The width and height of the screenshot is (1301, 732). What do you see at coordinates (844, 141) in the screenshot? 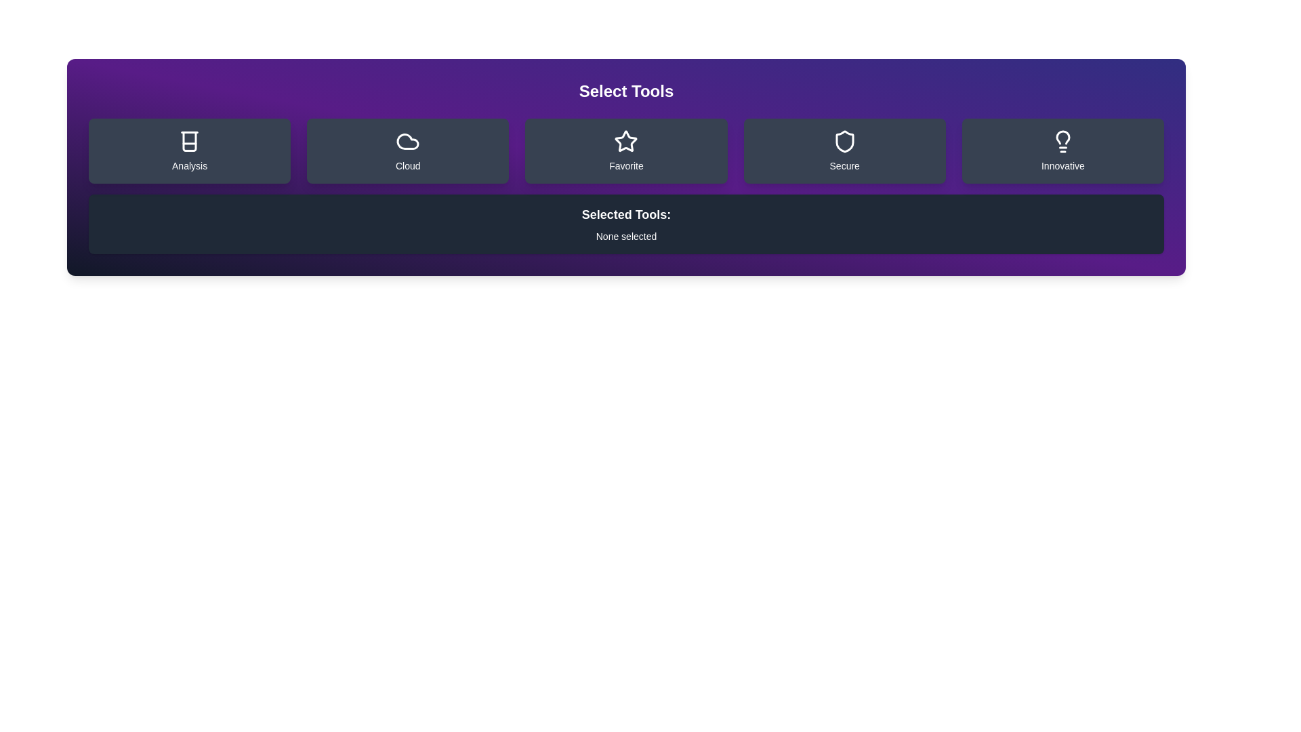
I see `the shield-shaped icon in the fourth position of the 'Select Tools' row` at bounding box center [844, 141].